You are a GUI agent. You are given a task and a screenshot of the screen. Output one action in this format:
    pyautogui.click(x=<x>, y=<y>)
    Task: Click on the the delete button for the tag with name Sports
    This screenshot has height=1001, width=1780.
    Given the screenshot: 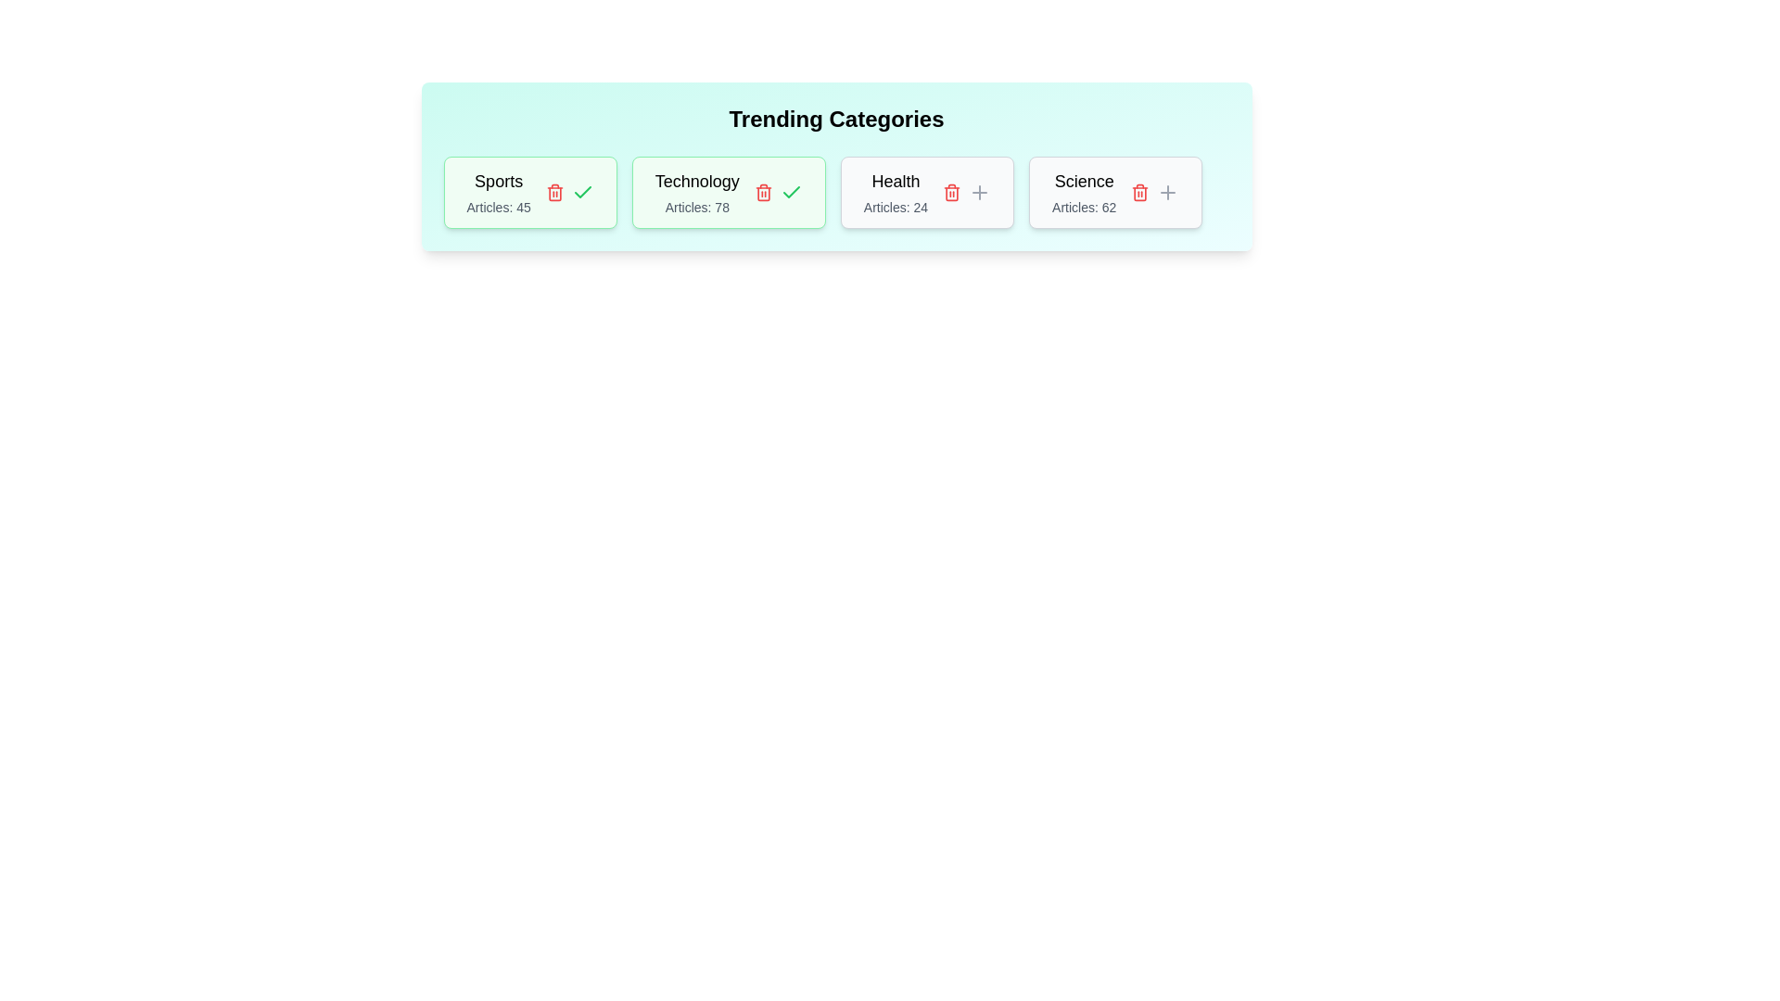 What is the action you would take?
    pyautogui.click(x=553, y=193)
    